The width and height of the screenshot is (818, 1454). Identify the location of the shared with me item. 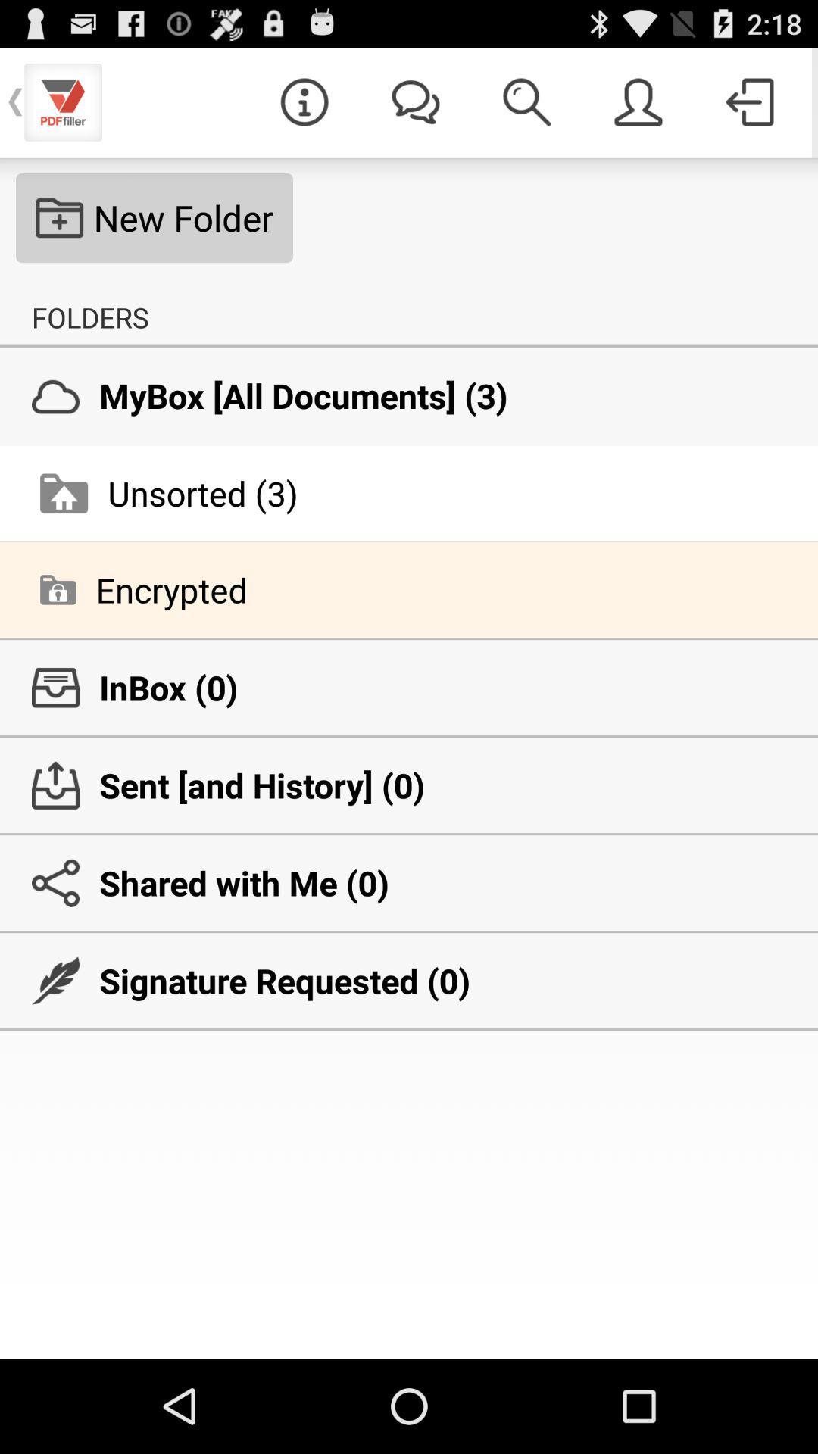
(409, 883).